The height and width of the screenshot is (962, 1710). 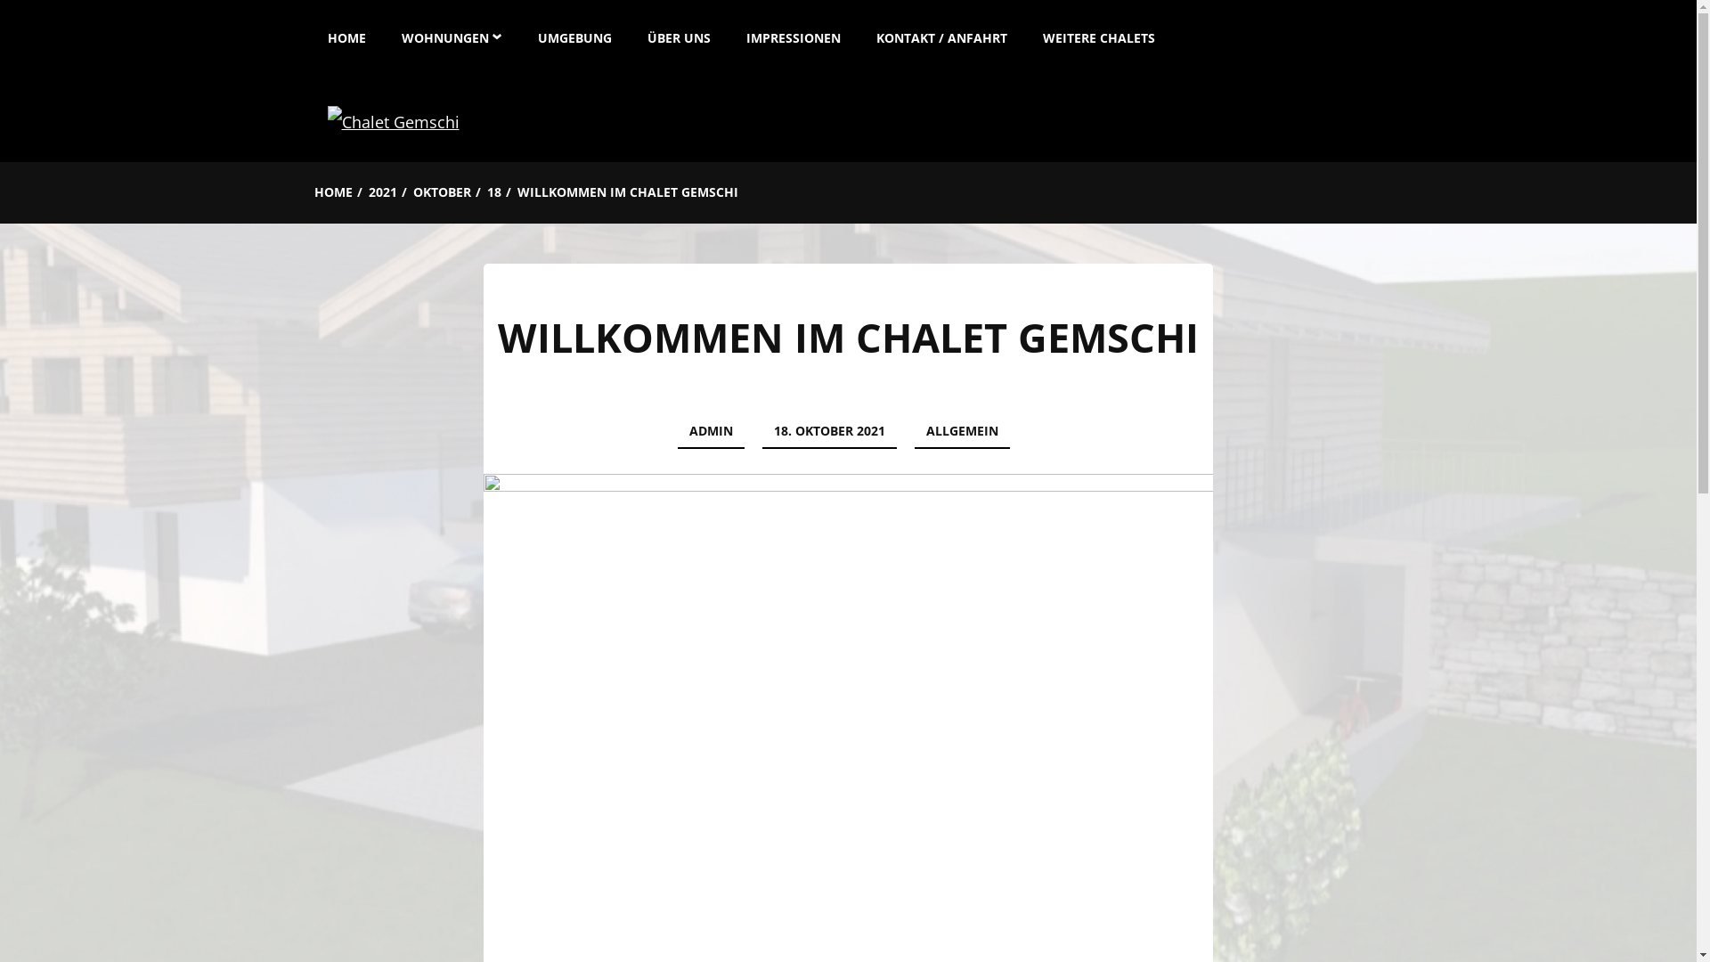 What do you see at coordinates (451, 34) in the screenshot?
I see `'WOHNUNGEN'` at bounding box center [451, 34].